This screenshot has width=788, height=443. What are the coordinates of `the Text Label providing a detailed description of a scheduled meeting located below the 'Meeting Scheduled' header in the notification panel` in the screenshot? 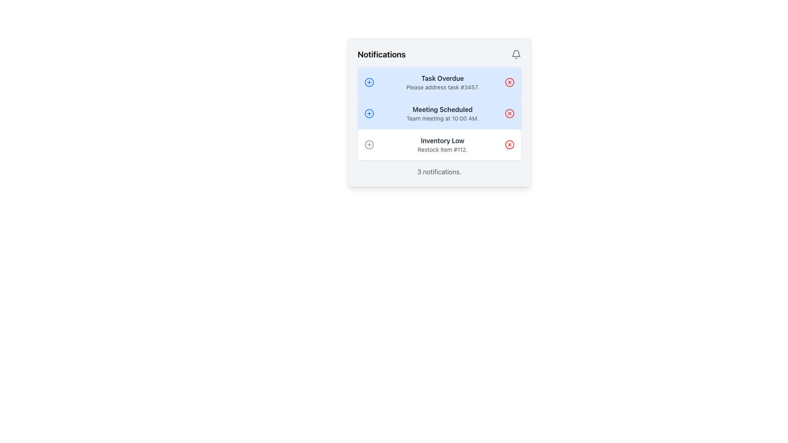 It's located at (442, 119).